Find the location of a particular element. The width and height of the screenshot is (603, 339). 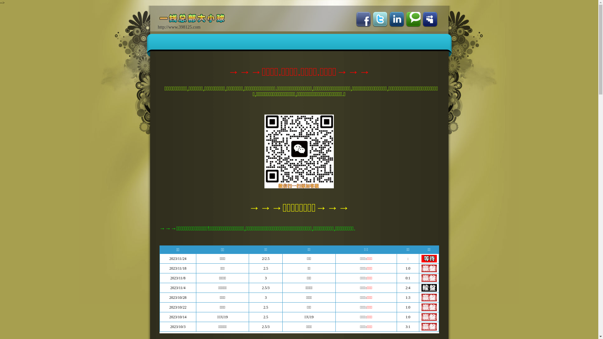

'http://www.398125.com' is located at coordinates (195, 23).